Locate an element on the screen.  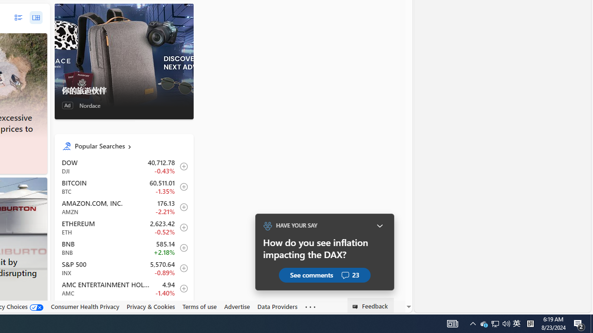
'Class: feedback_link_icon-DS-EntryPoint1-1' is located at coordinates (356, 307).